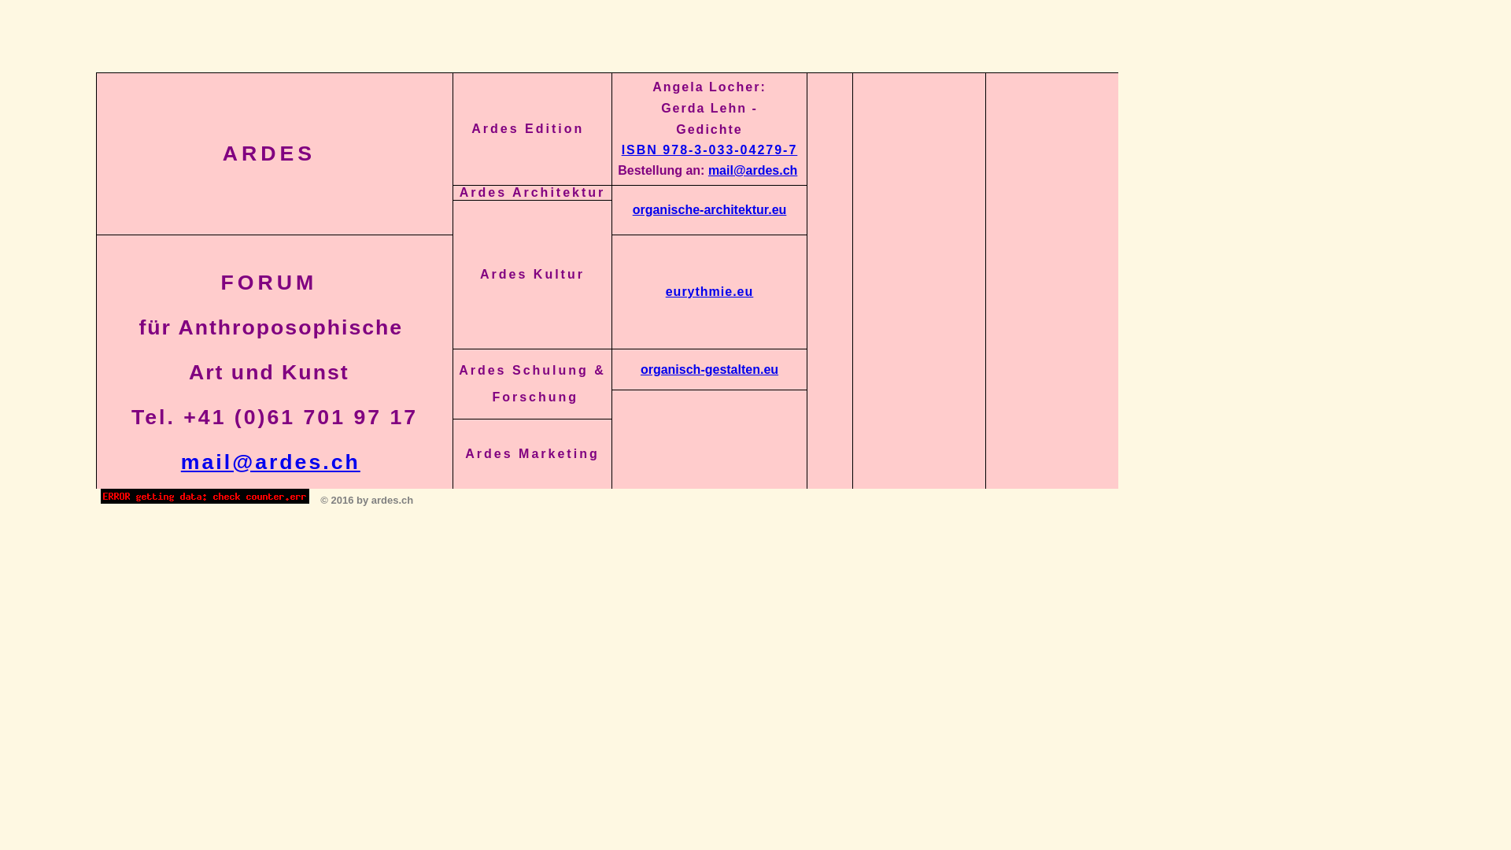 Image resolution: width=1511 pixels, height=850 pixels. I want to click on 'ISBN 978-3-033-04279-7', so click(709, 150).